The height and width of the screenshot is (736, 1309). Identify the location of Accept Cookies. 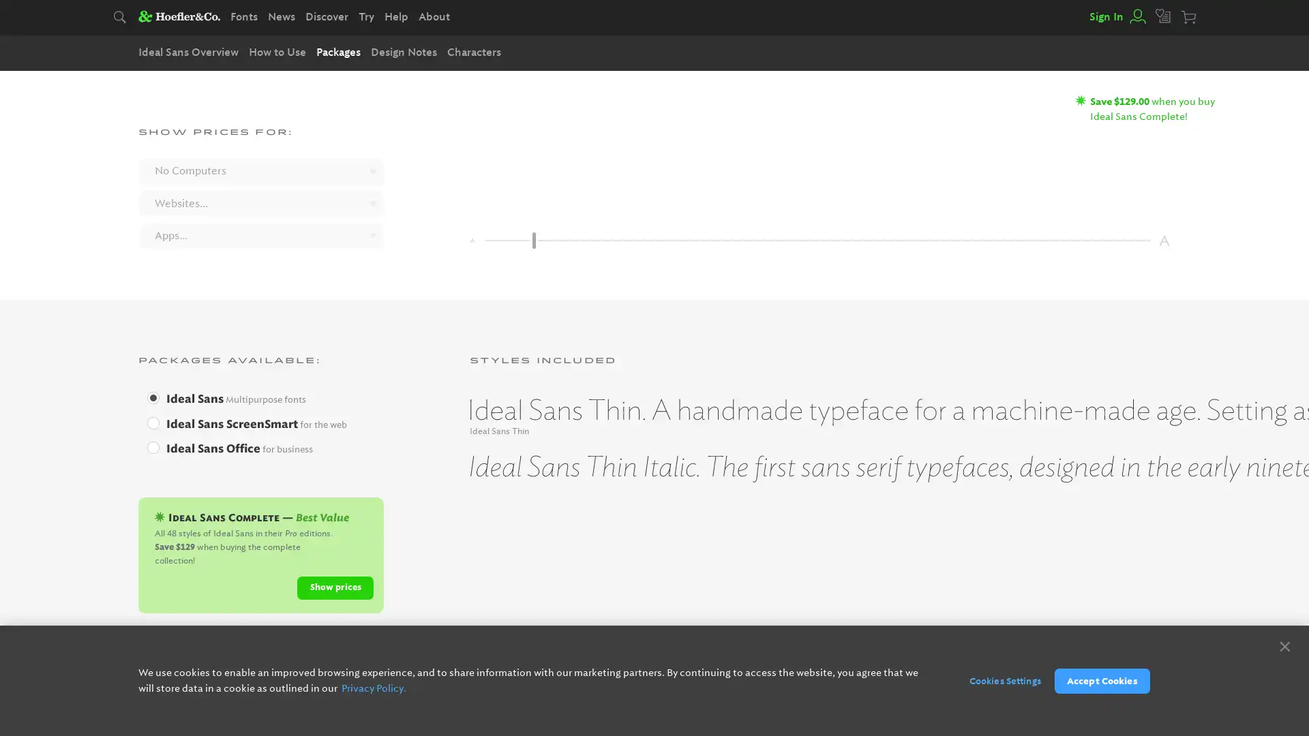
(1102, 680).